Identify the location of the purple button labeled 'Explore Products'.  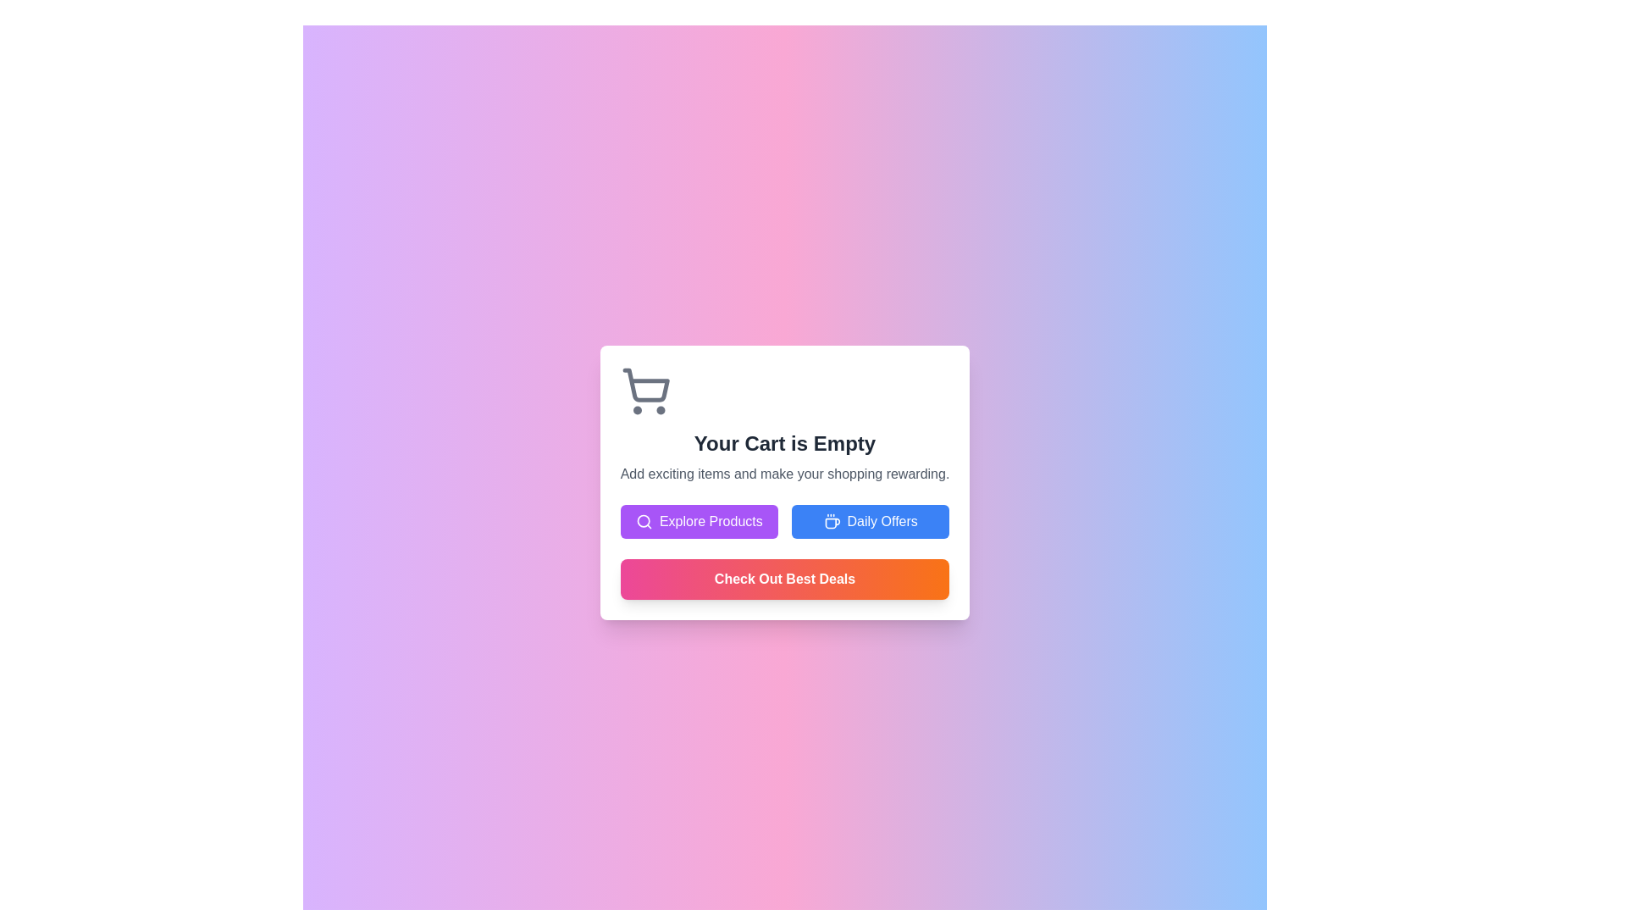
(699, 521).